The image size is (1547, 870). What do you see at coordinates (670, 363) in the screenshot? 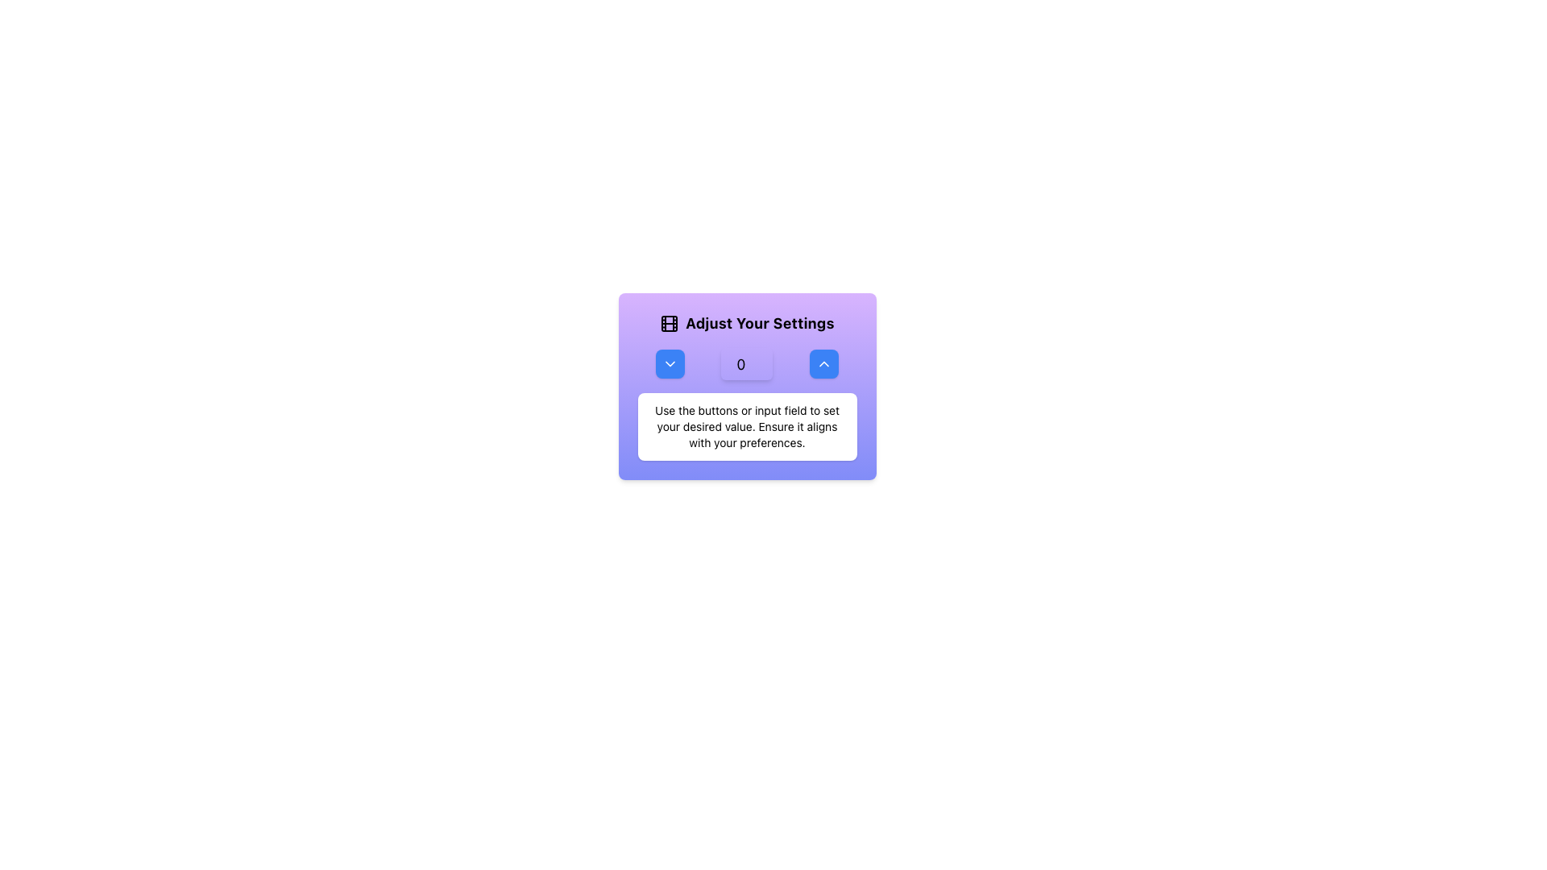
I see `the interactive button on the left side of the control interface to decrease the numeric value displayed in the adjacent input field` at bounding box center [670, 363].